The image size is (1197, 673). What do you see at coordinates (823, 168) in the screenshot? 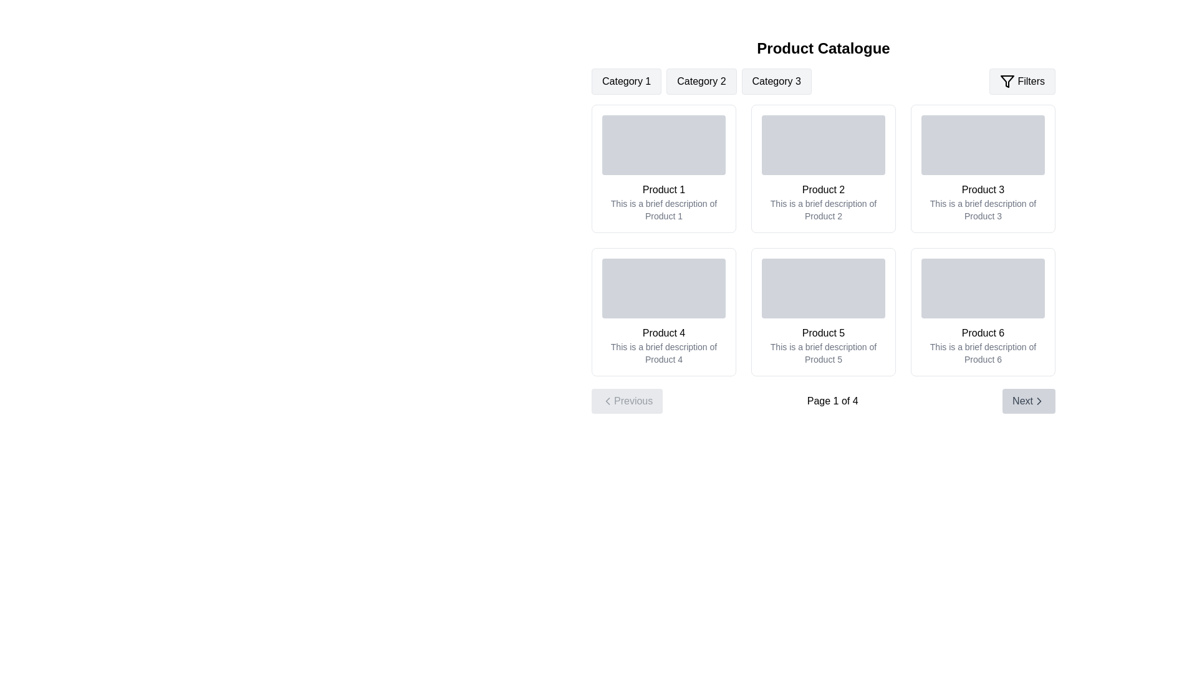
I see `the Information Card displaying details about 'Product 2', which is located in the second column of the first row in a 3x2 grid layout` at bounding box center [823, 168].